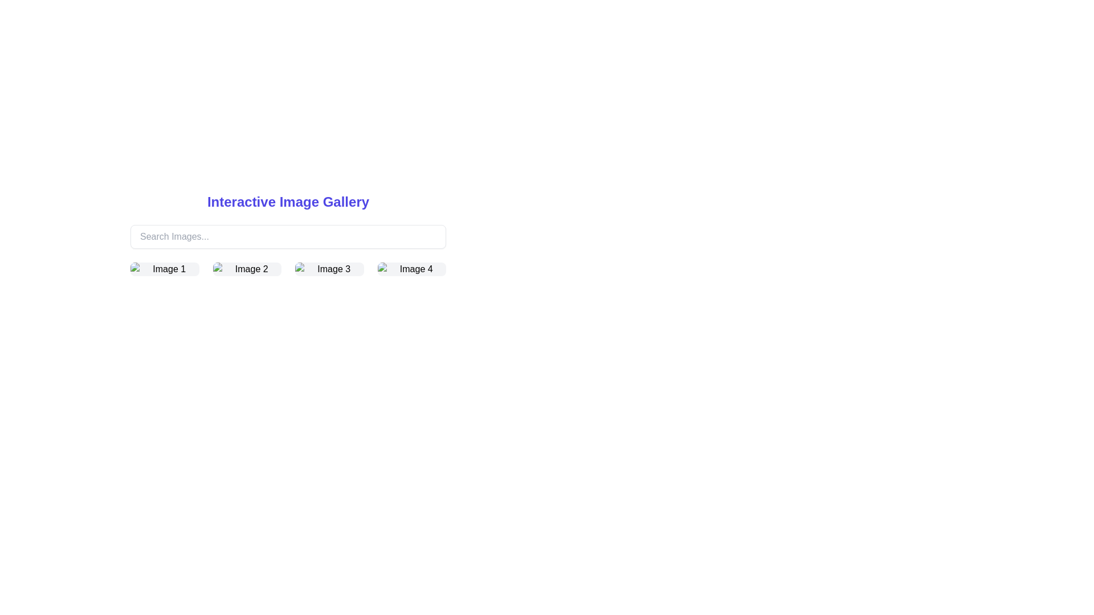 The image size is (1094, 615). I want to click on the Interactive Thumbnail Card labeled 'Image 1' located at the top-left corner of the grid layout, so click(164, 269).